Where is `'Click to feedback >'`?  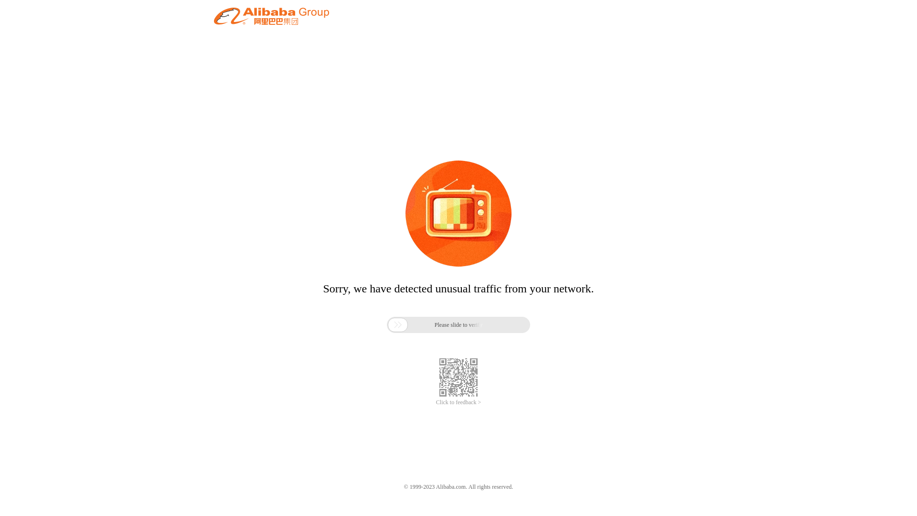
'Click to feedback >' is located at coordinates (458, 402).